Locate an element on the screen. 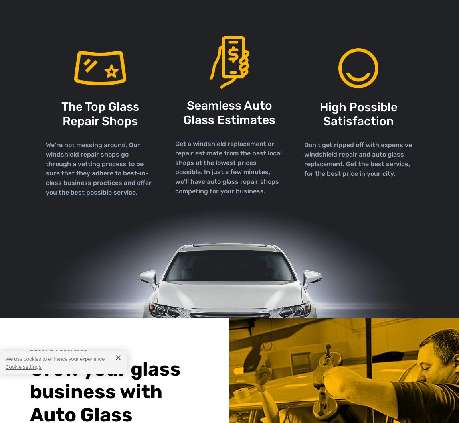 This screenshot has width=459, height=423. 'Glass Estimates' is located at coordinates (229, 119).